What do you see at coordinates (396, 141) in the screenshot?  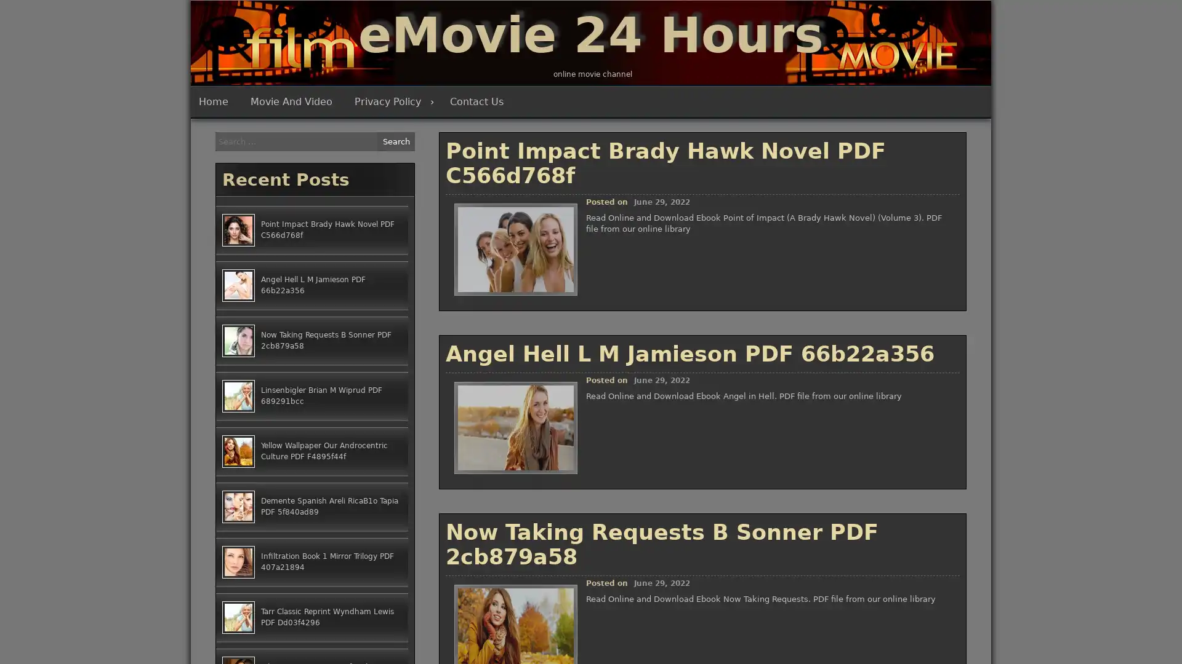 I see `Search` at bounding box center [396, 141].